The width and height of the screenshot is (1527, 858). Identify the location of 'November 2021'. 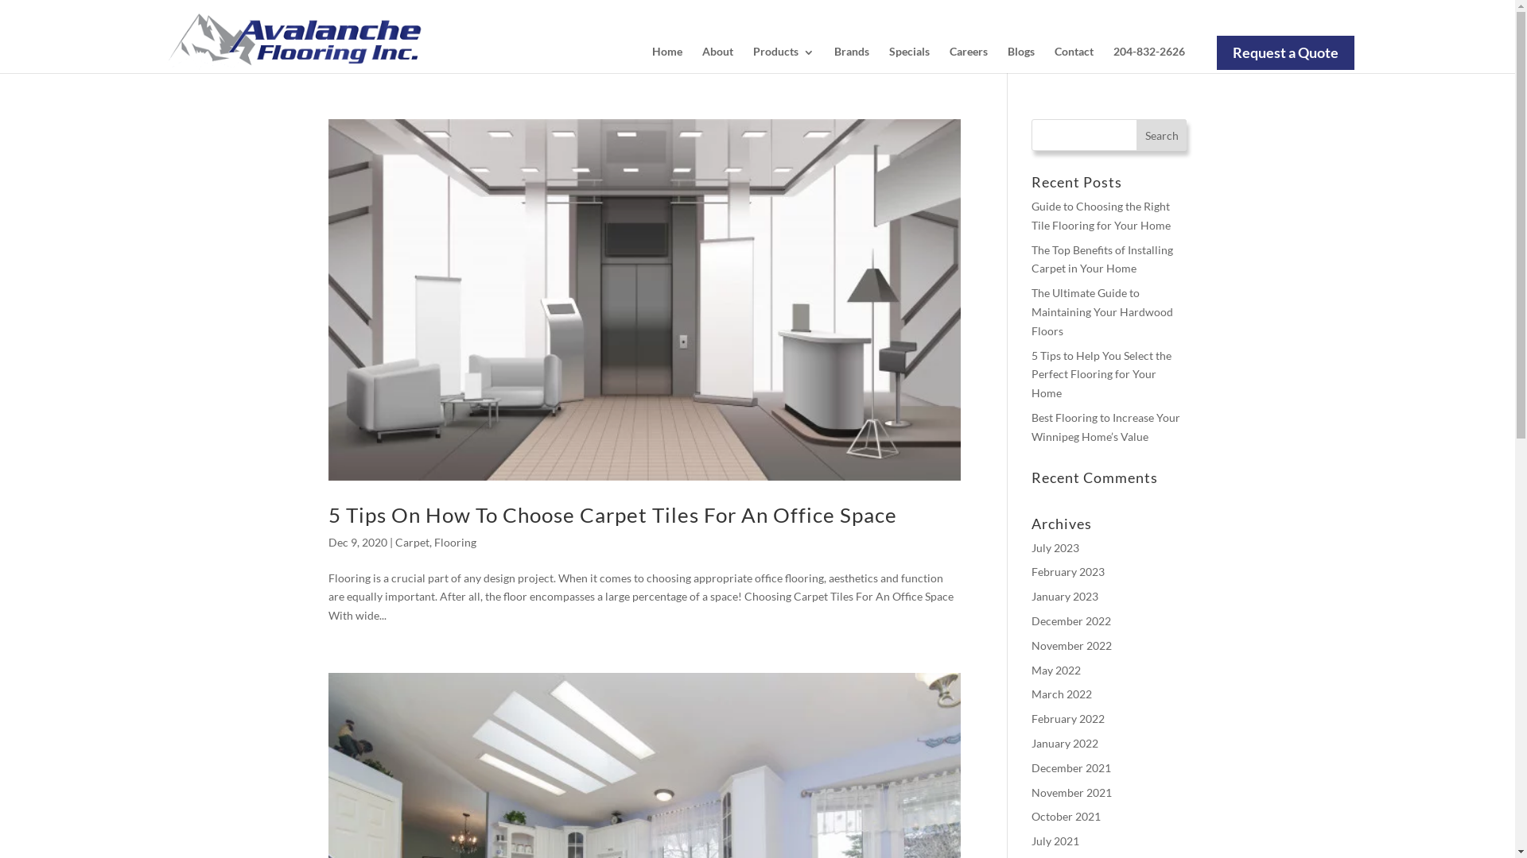
(1071, 792).